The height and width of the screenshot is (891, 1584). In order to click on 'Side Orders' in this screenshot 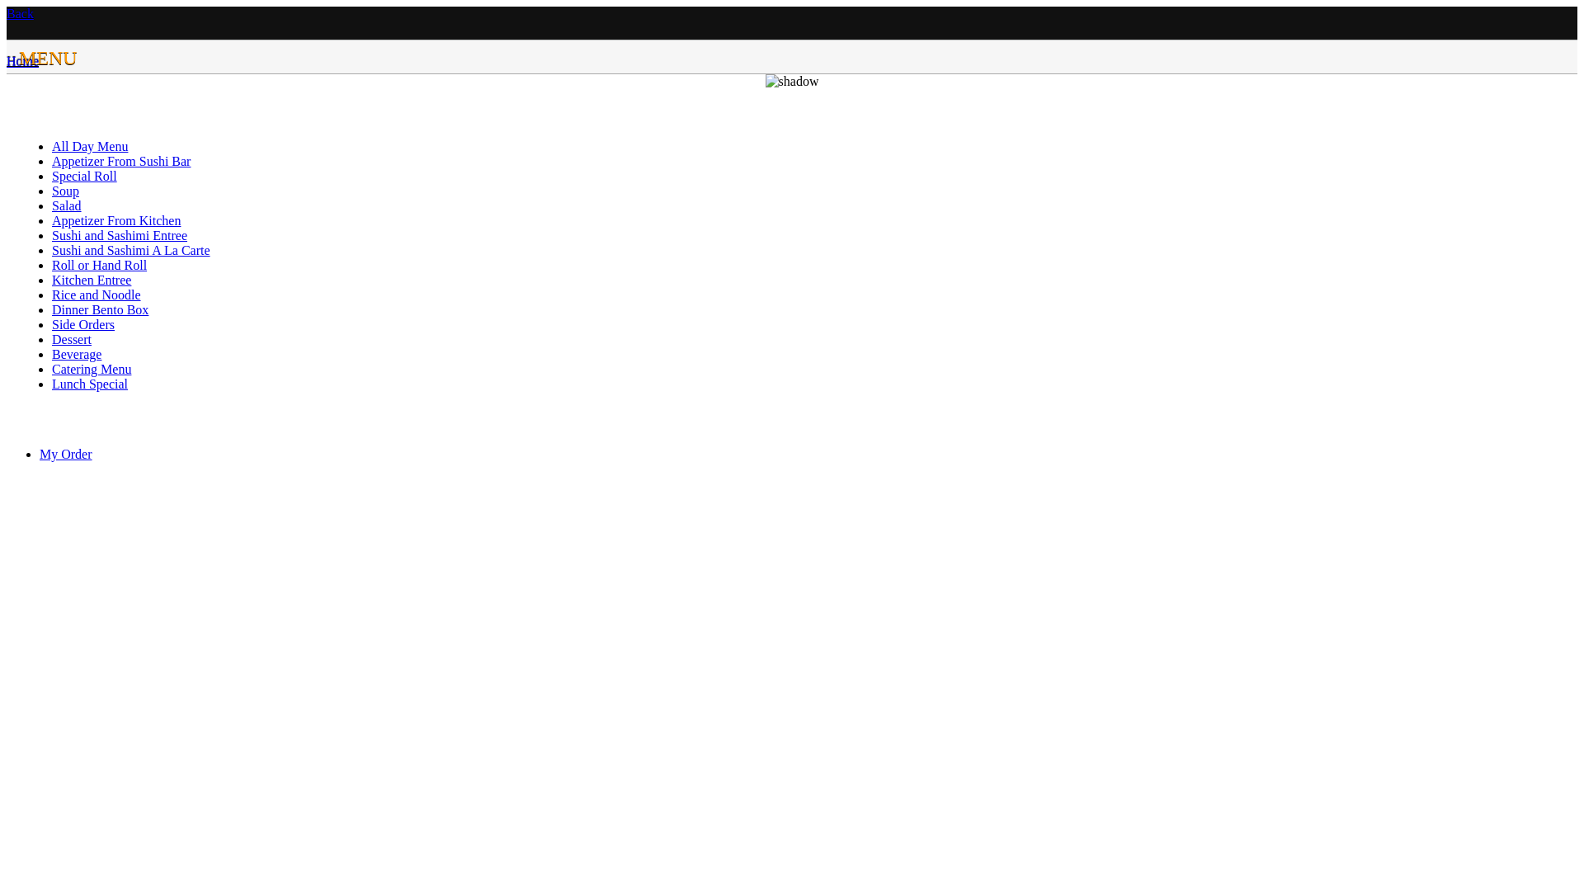, I will do `click(82, 324)`.